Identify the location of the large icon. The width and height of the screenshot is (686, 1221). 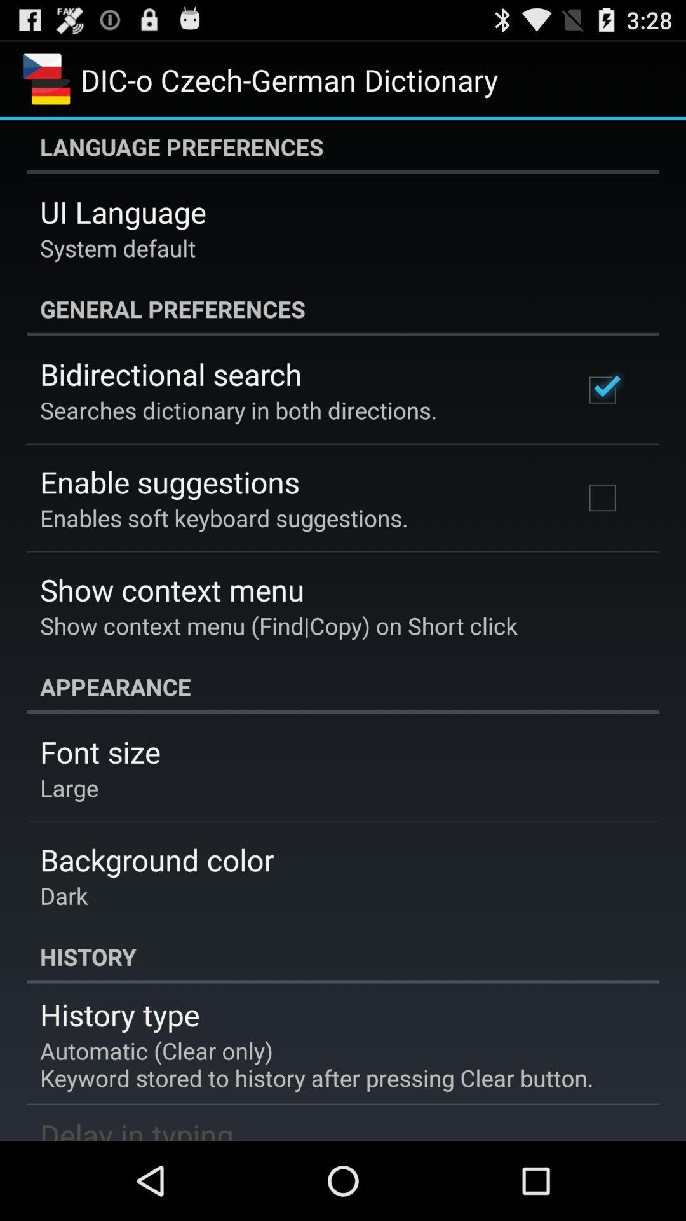
(69, 787).